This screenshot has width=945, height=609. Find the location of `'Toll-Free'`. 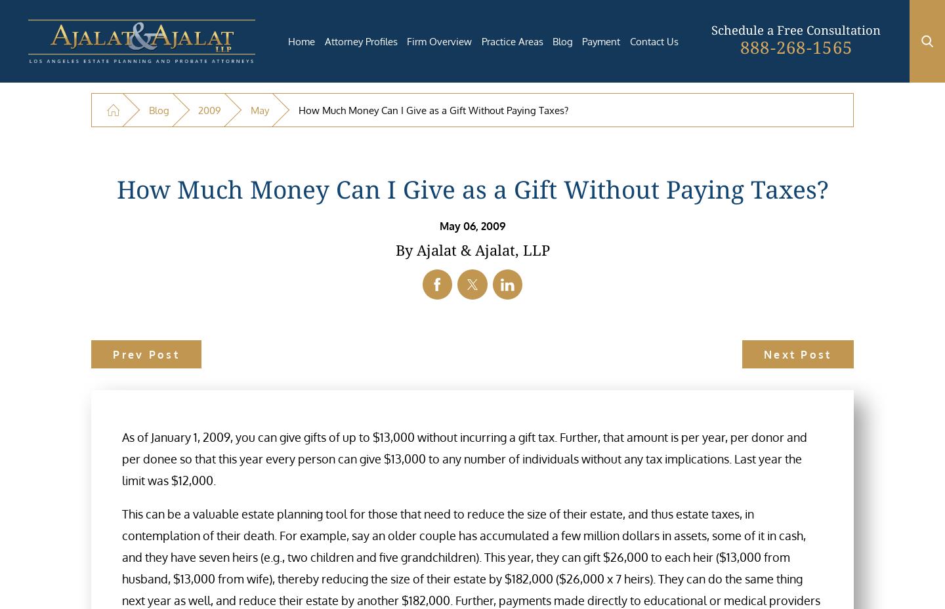

'Toll-Free' is located at coordinates (138, 388).